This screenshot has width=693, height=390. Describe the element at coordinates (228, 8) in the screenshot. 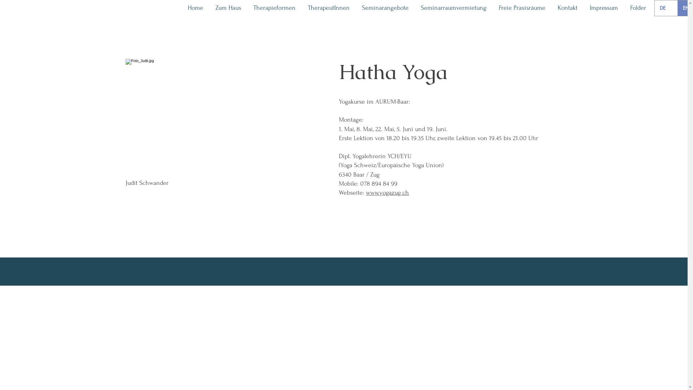

I see `'Zum Haus'` at that location.